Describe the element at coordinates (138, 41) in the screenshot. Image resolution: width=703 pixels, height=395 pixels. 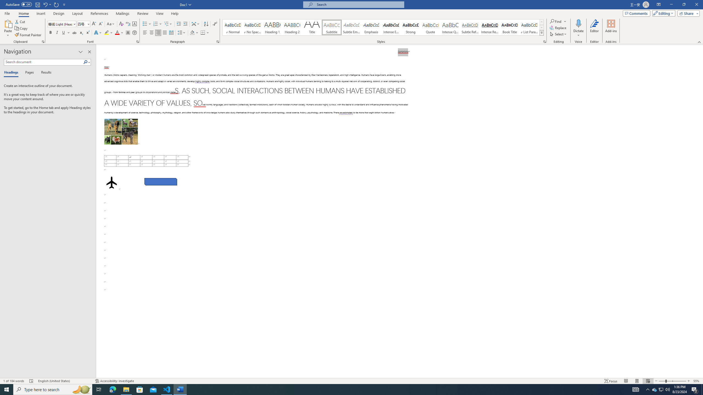
I see `'Font...'` at that location.